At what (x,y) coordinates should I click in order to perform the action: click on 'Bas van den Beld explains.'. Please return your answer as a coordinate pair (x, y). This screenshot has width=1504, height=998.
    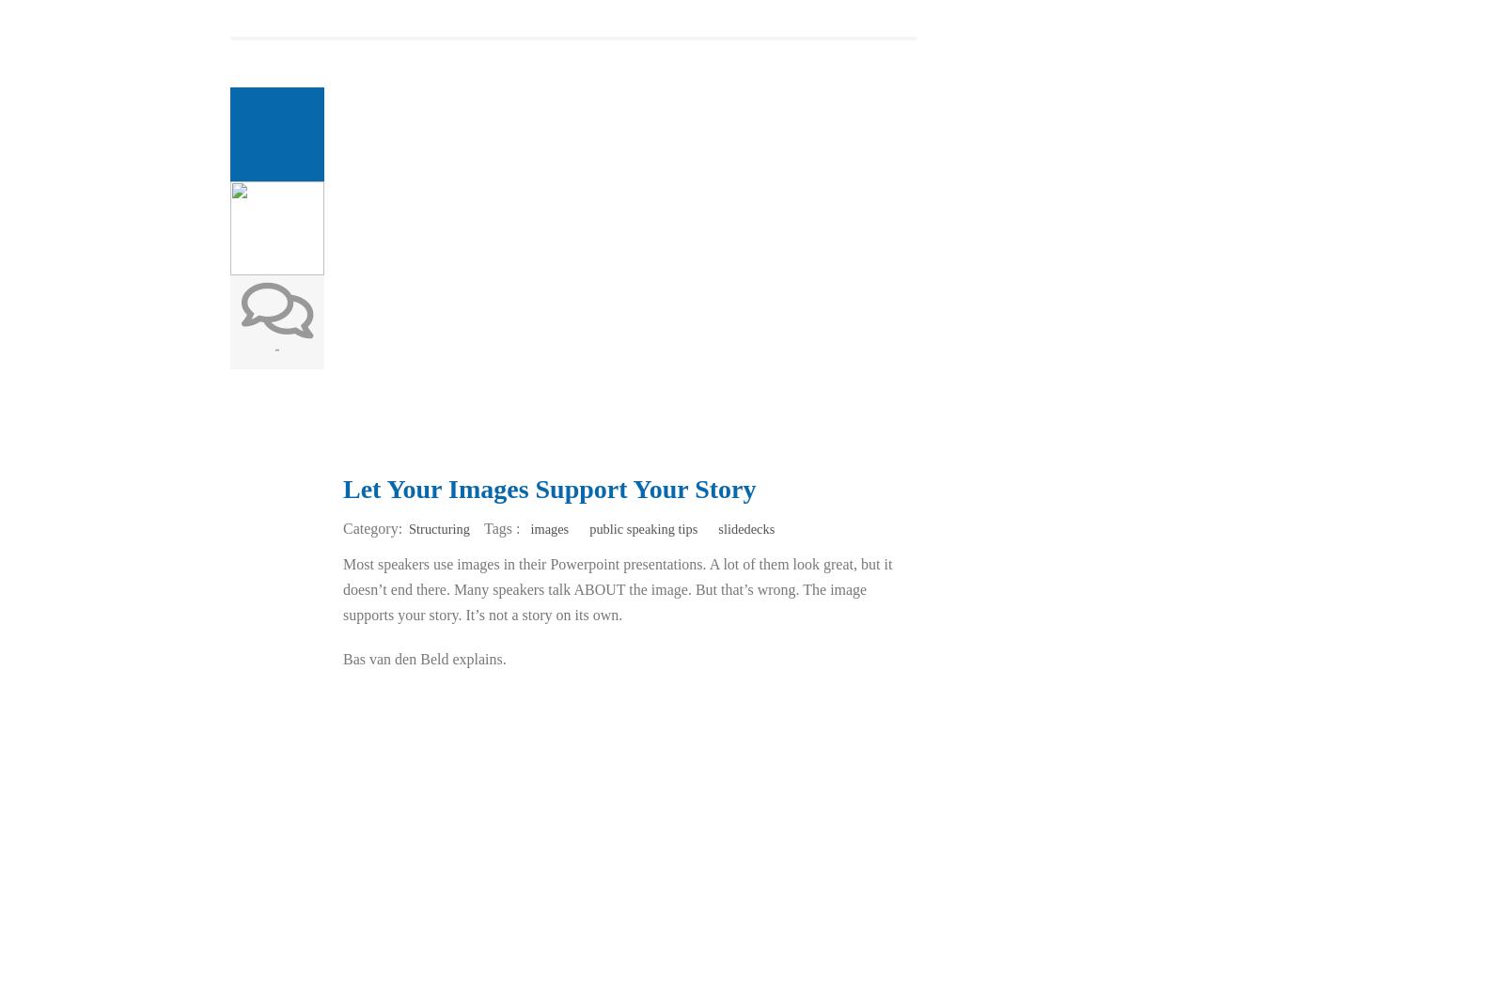
    Looking at the image, I should click on (423, 659).